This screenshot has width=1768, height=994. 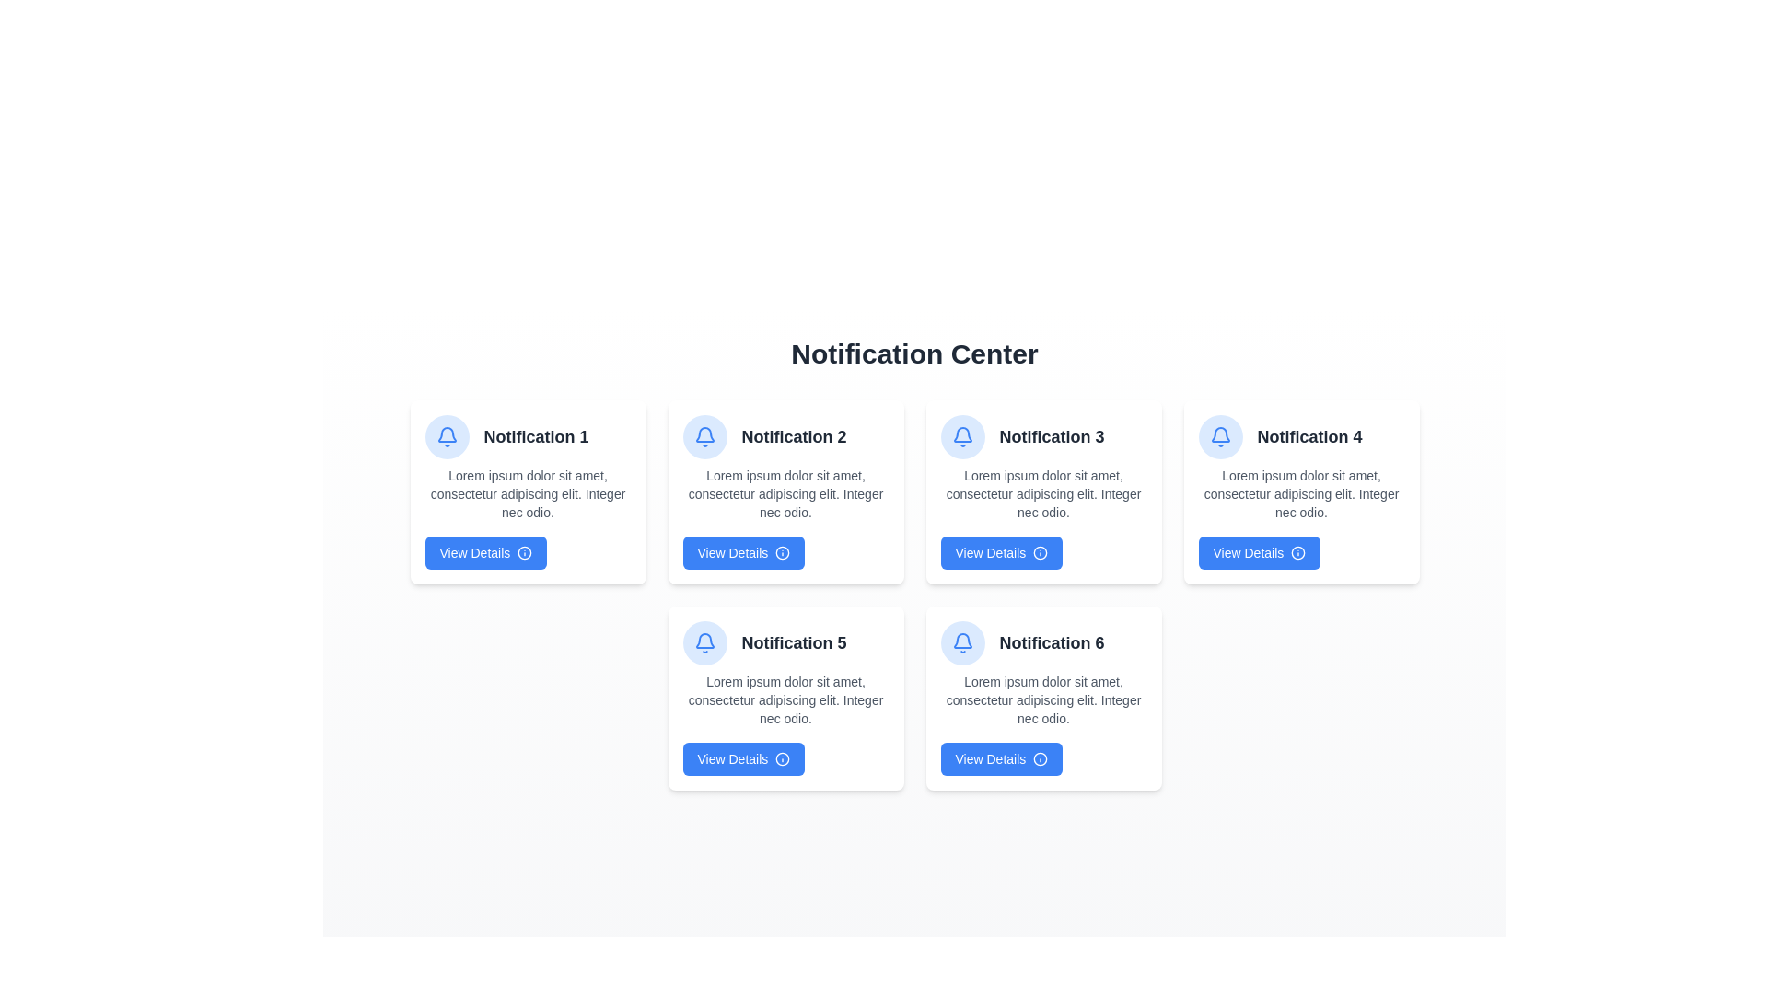 What do you see at coordinates (1052, 641) in the screenshot?
I see `title of the notification card located in the second row on the rightmost side of the Notification Center, which helps distinguish it from other notifications` at bounding box center [1052, 641].